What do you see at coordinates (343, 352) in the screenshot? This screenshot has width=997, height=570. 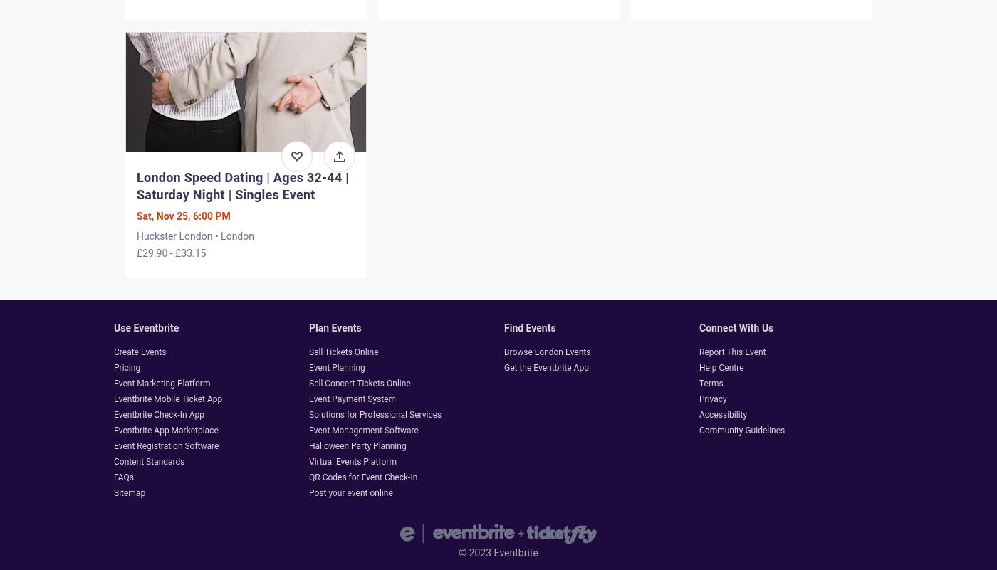 I see `'Sell Tickets Online'` at bounding box center [343, 352].